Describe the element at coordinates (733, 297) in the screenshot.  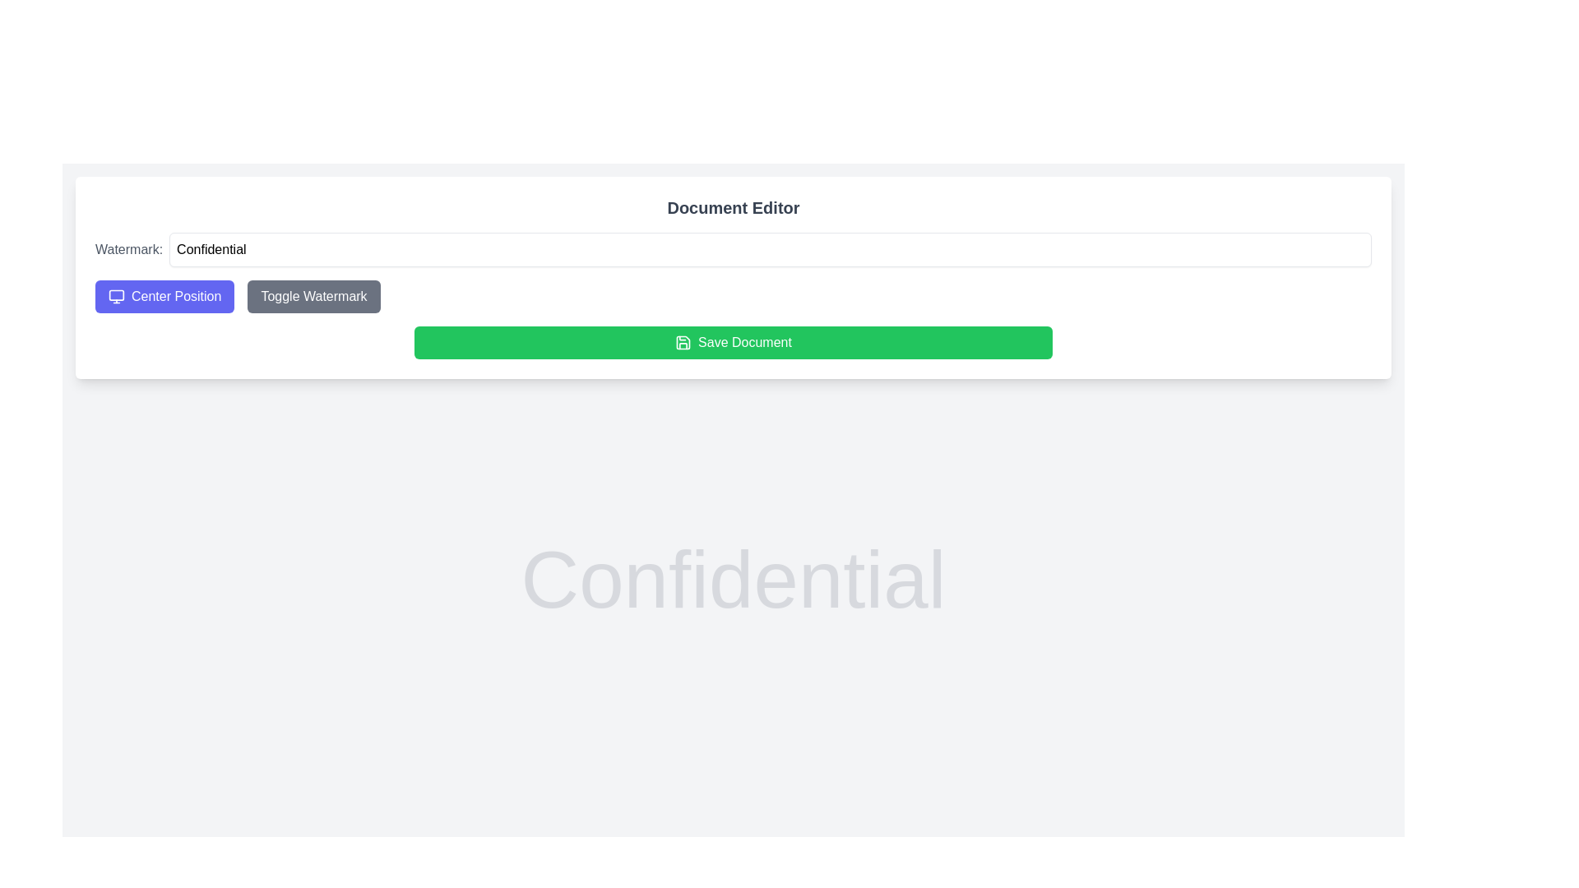
I see `the Toolbar containing 'Center Position' and 'Toggle Watermark' buttons` at that location.